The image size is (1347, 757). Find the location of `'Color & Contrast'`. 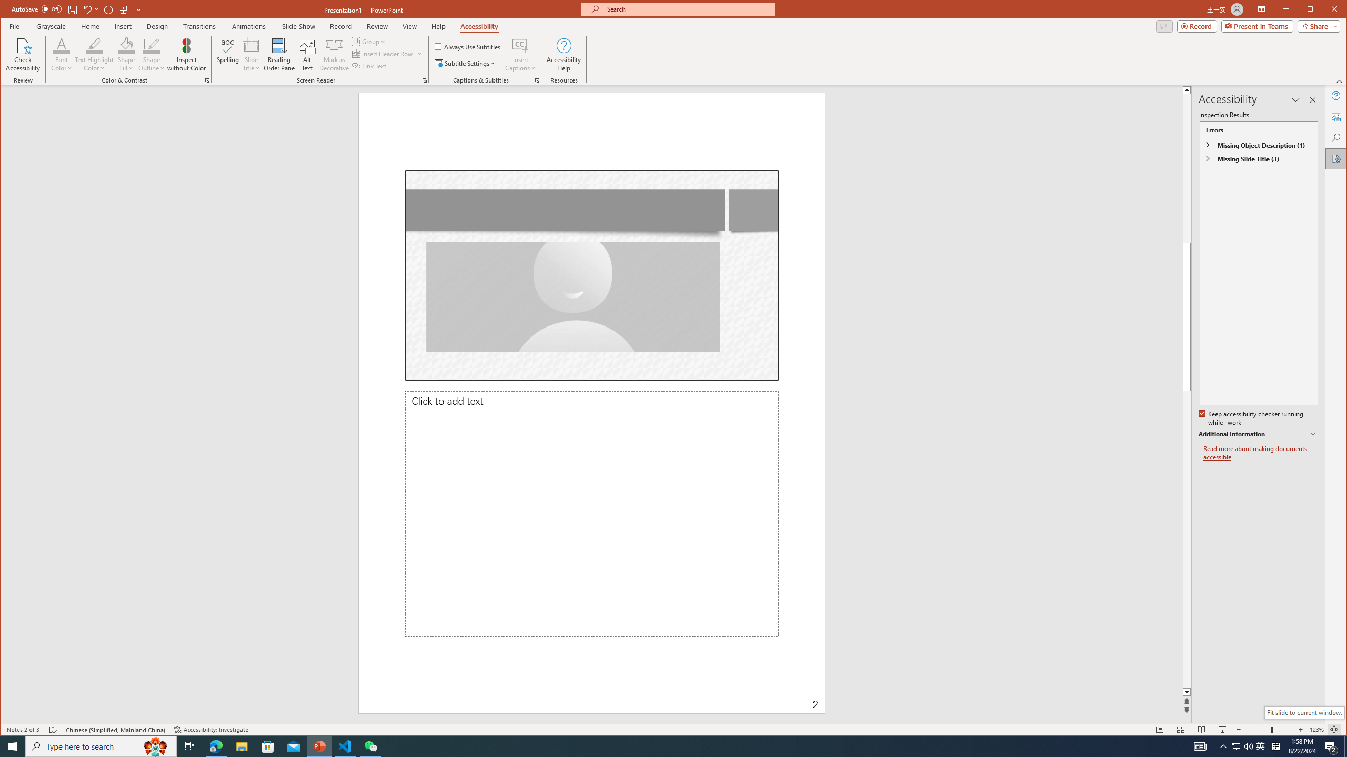

'Color & Contrast' is located at coordinates (207, 80).